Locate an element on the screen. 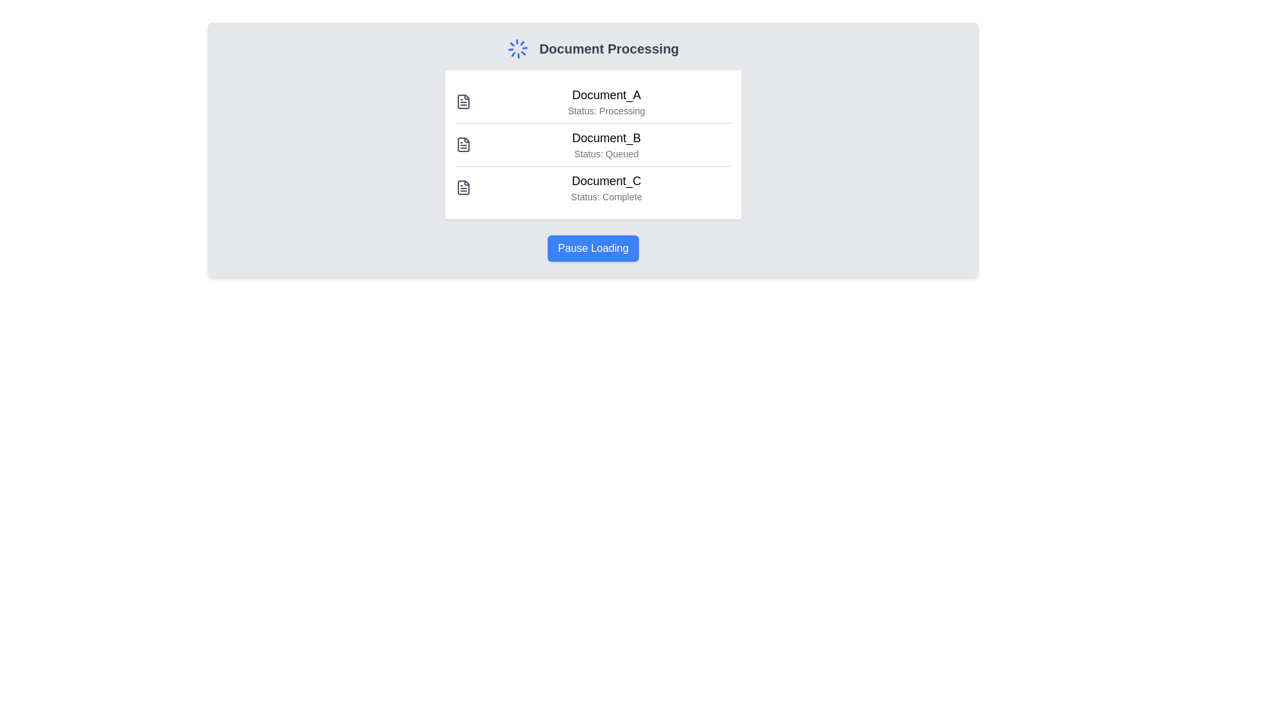 Image resolution: width=1270 pixels, height=714 pixels. the static text label that identifies the second document in the list, located in the central panel of the 'Document Processing' interface is located at coordinates (605, 138).